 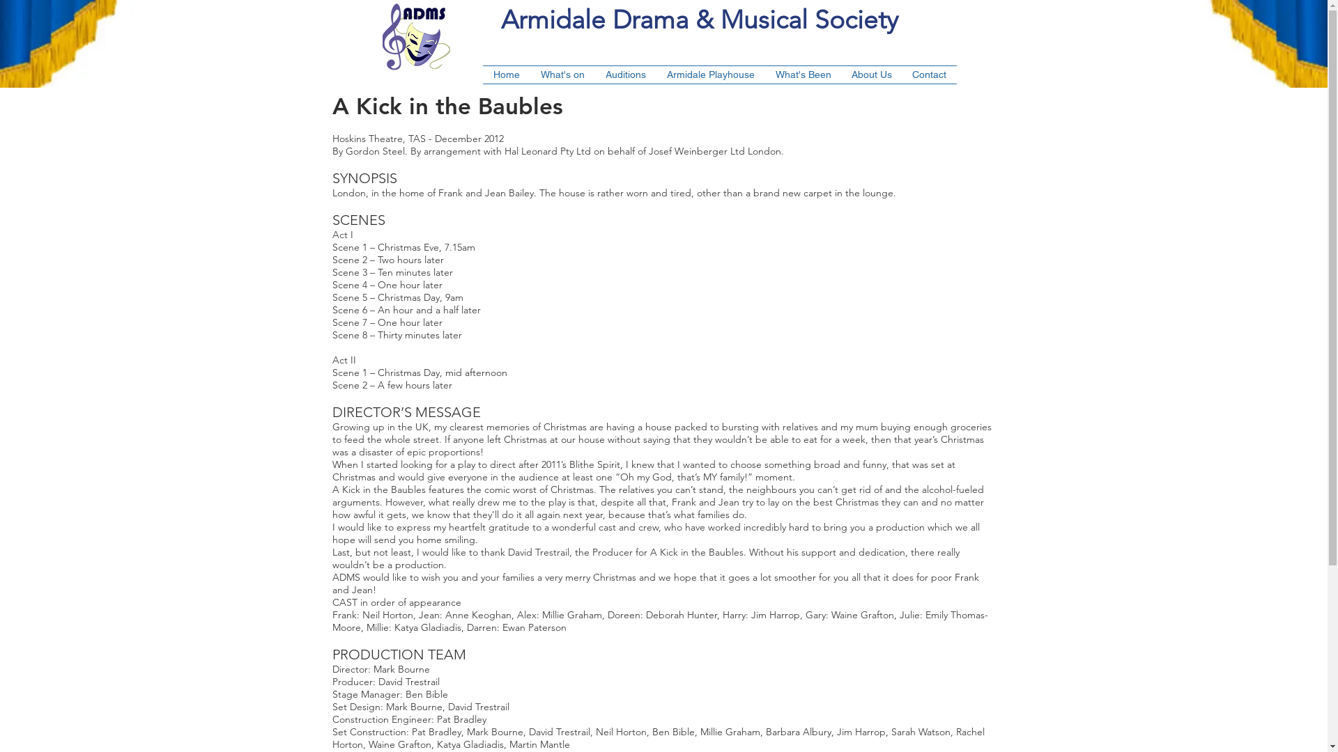 What do you see at coordinates (710, 75) in the screenshot?
I see `'Armidale Playhouse'` at bounding box center [710, 75].